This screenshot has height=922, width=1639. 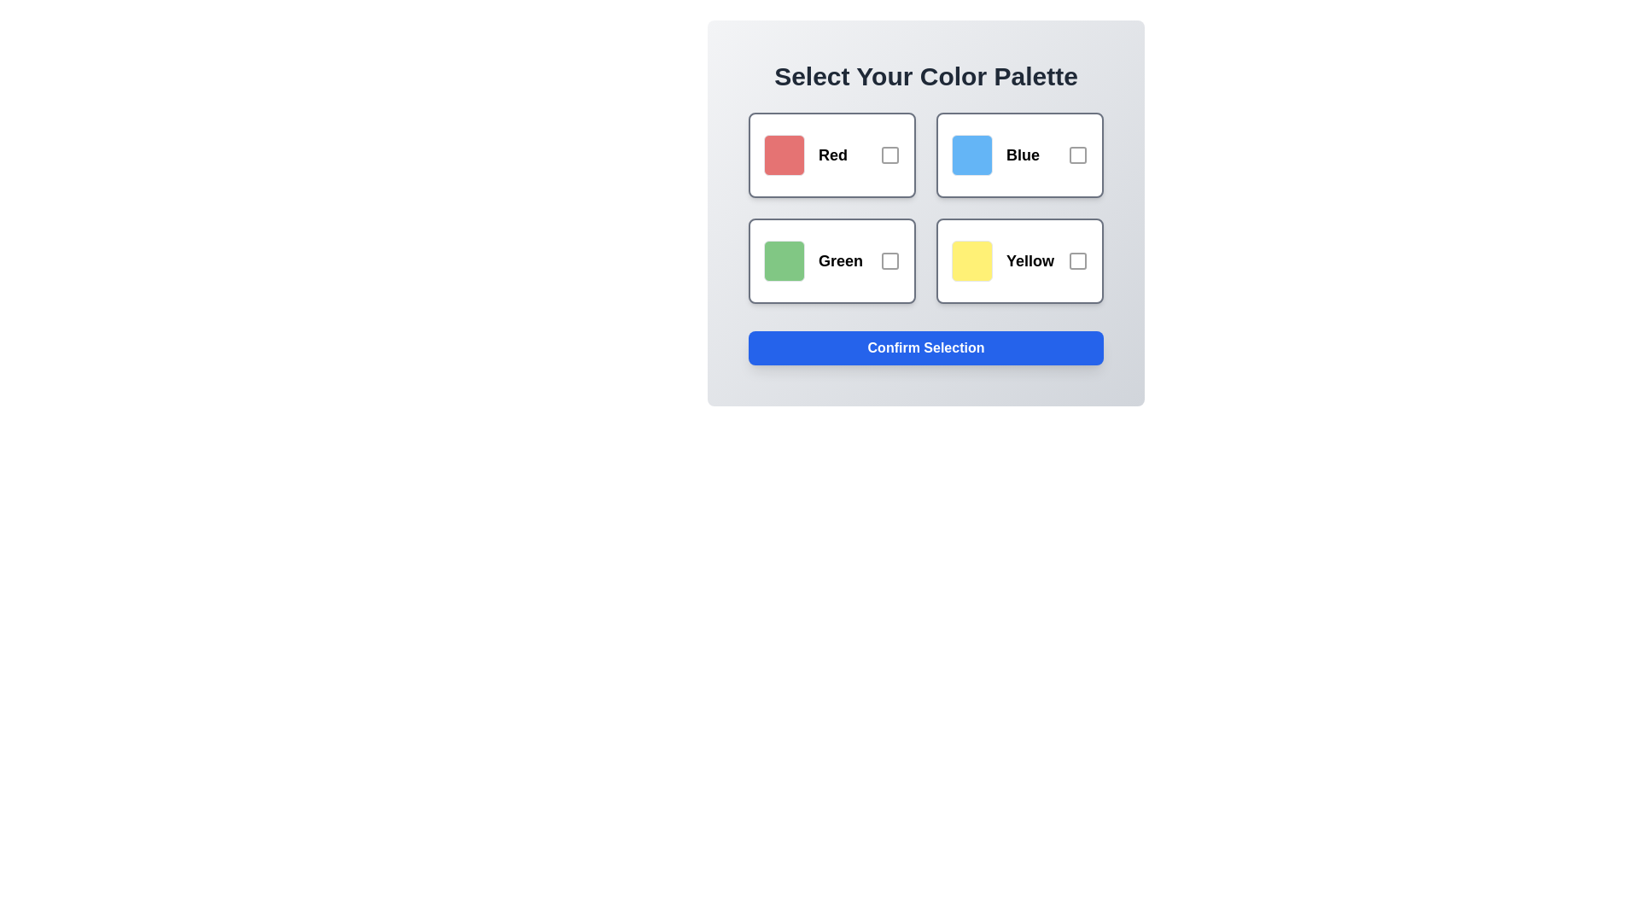 I want to click on the 'Confirm Selection' button to confirm the selected colors, so click(x=924, y=347).